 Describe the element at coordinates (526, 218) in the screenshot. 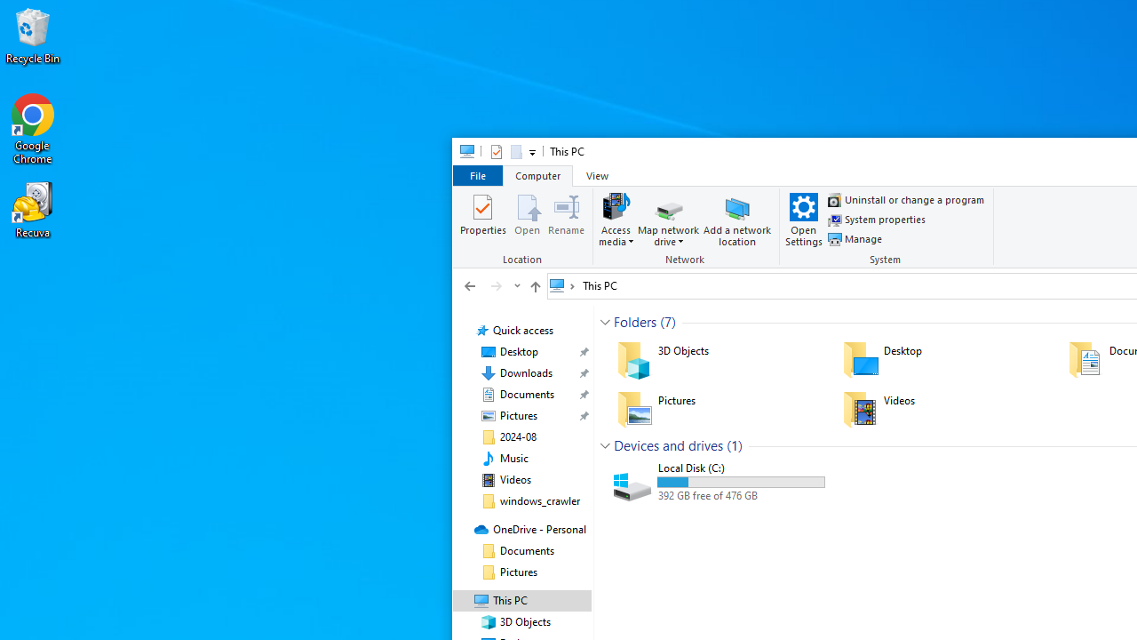

I see `'Open'` at that location.